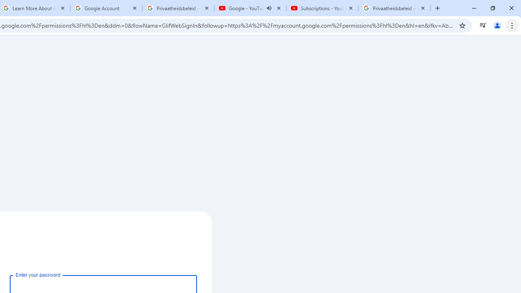 This screenshot has width=521, height=293. What do you see at coordinates (269, 8) in the screenshot?
I see `'Mute tab'` at bounding box center [269, 8].